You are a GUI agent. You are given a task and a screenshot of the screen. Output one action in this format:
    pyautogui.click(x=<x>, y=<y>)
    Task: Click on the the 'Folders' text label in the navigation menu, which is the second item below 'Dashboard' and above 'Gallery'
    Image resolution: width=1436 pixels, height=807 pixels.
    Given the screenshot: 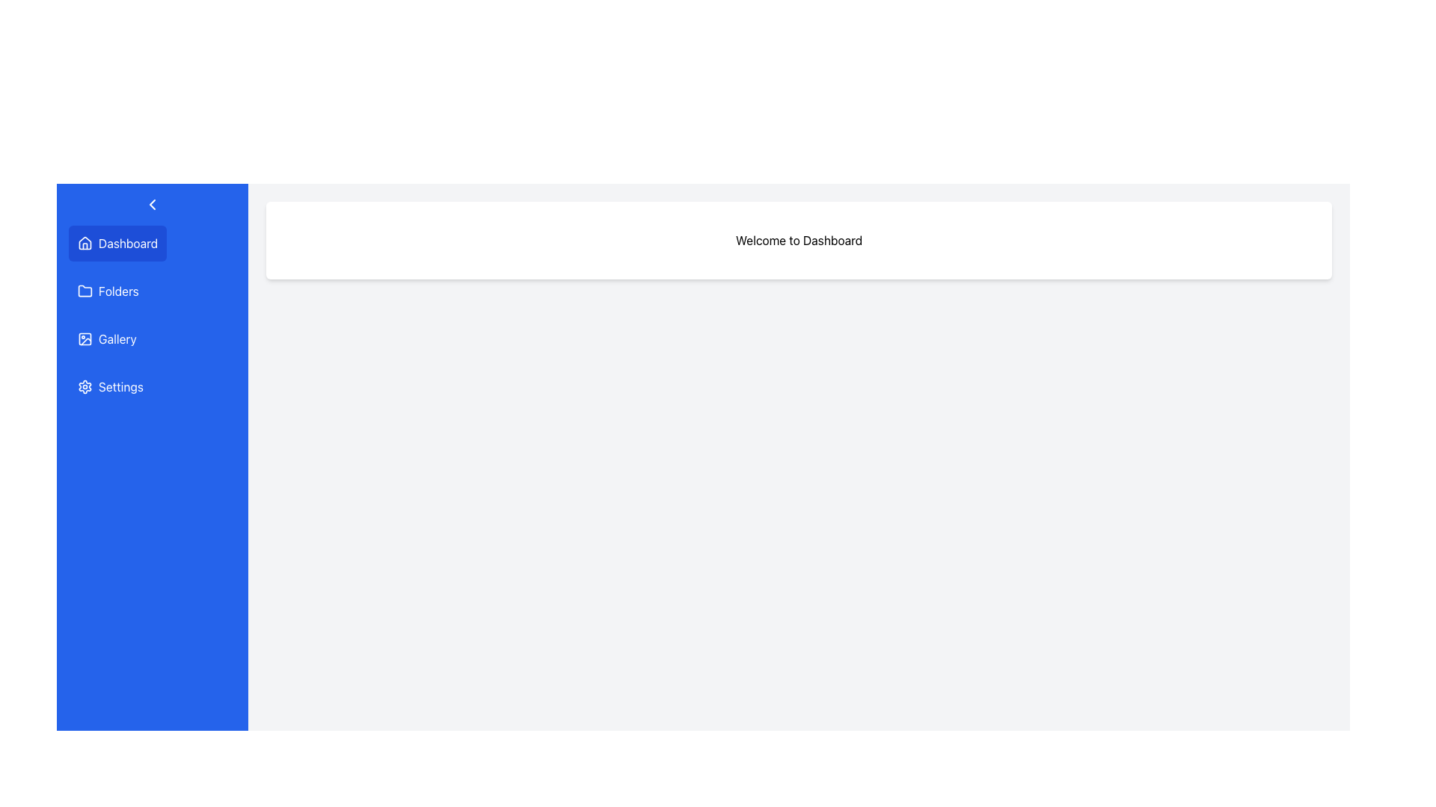 What is the action you would take?
    pyautogui.click(x=117, y=291)
    